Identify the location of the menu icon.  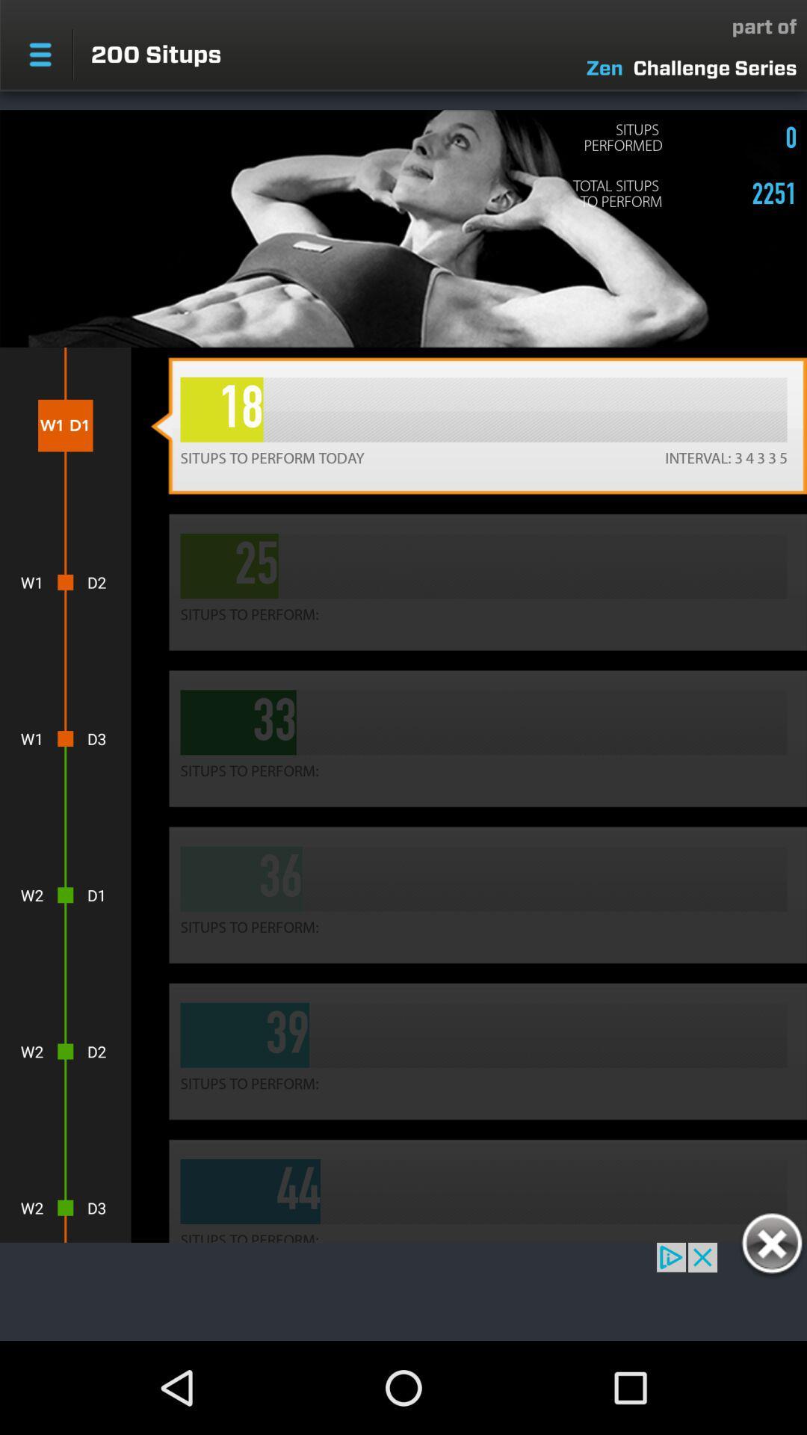
(40, 55).